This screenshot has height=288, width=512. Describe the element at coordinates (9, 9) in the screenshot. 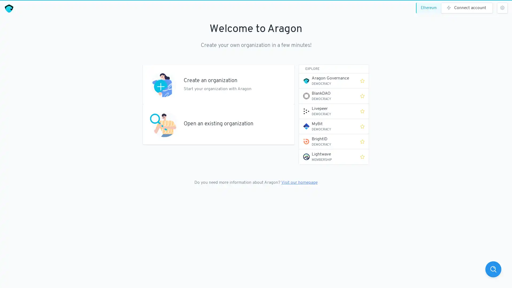

I see `Back to home` at that location.